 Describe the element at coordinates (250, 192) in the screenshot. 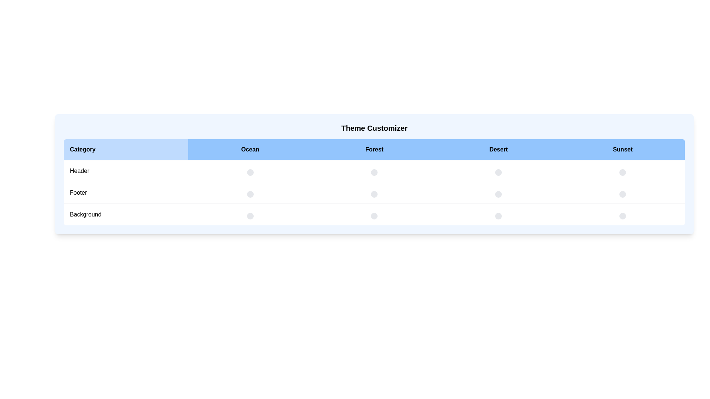

I see `the rounded button with a light gray background and darker gray border located in the second row under the 'Ocean' column in the 'Theme Customizer' section of the interface` at that location.